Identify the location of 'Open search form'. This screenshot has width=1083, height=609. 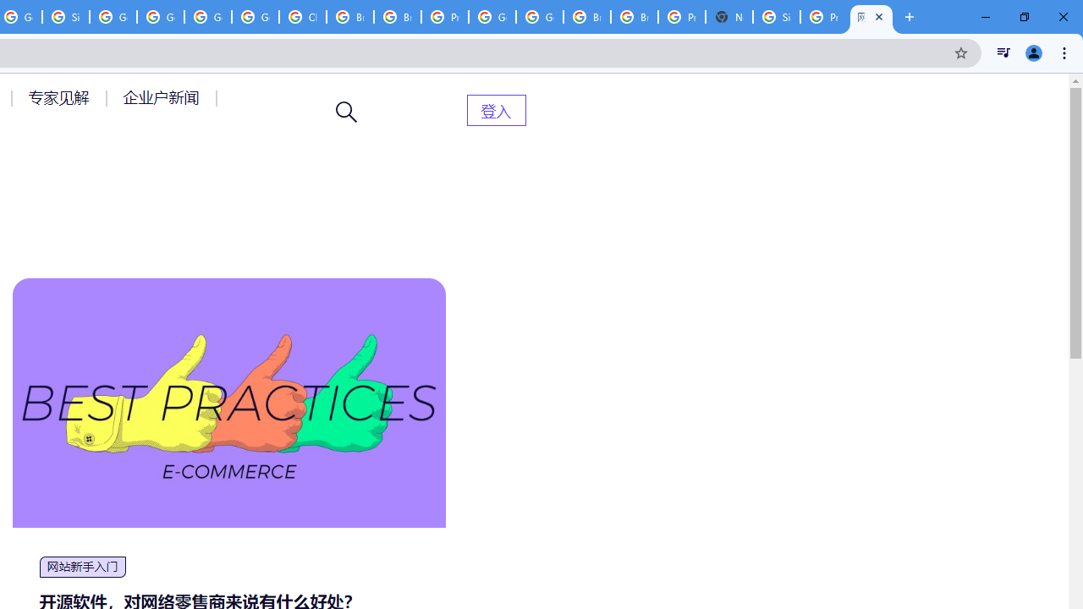
(346, 112).